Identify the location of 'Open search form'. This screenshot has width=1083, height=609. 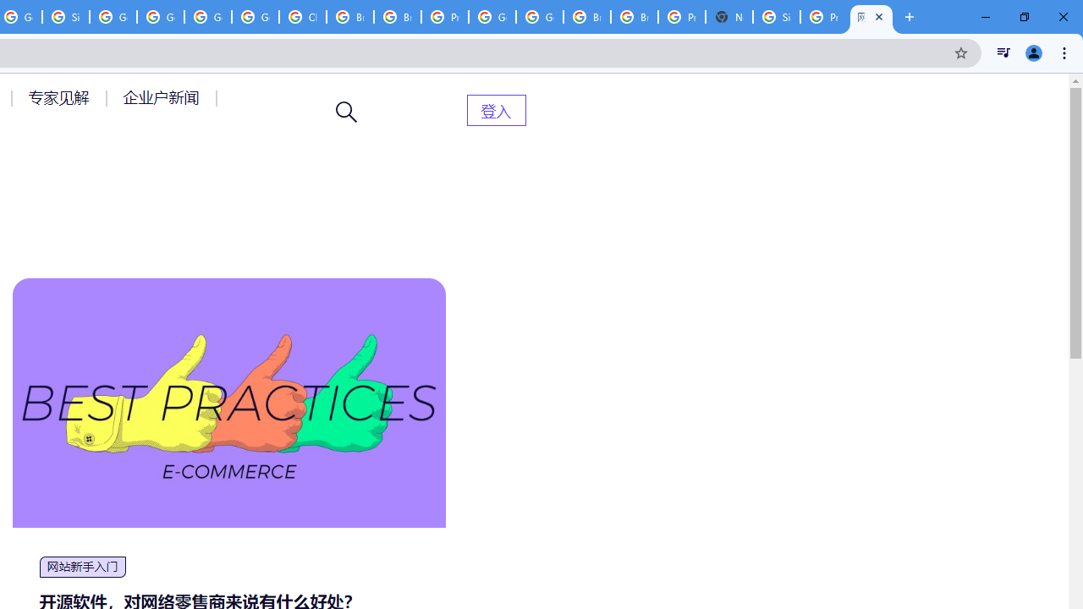
(346, 112).